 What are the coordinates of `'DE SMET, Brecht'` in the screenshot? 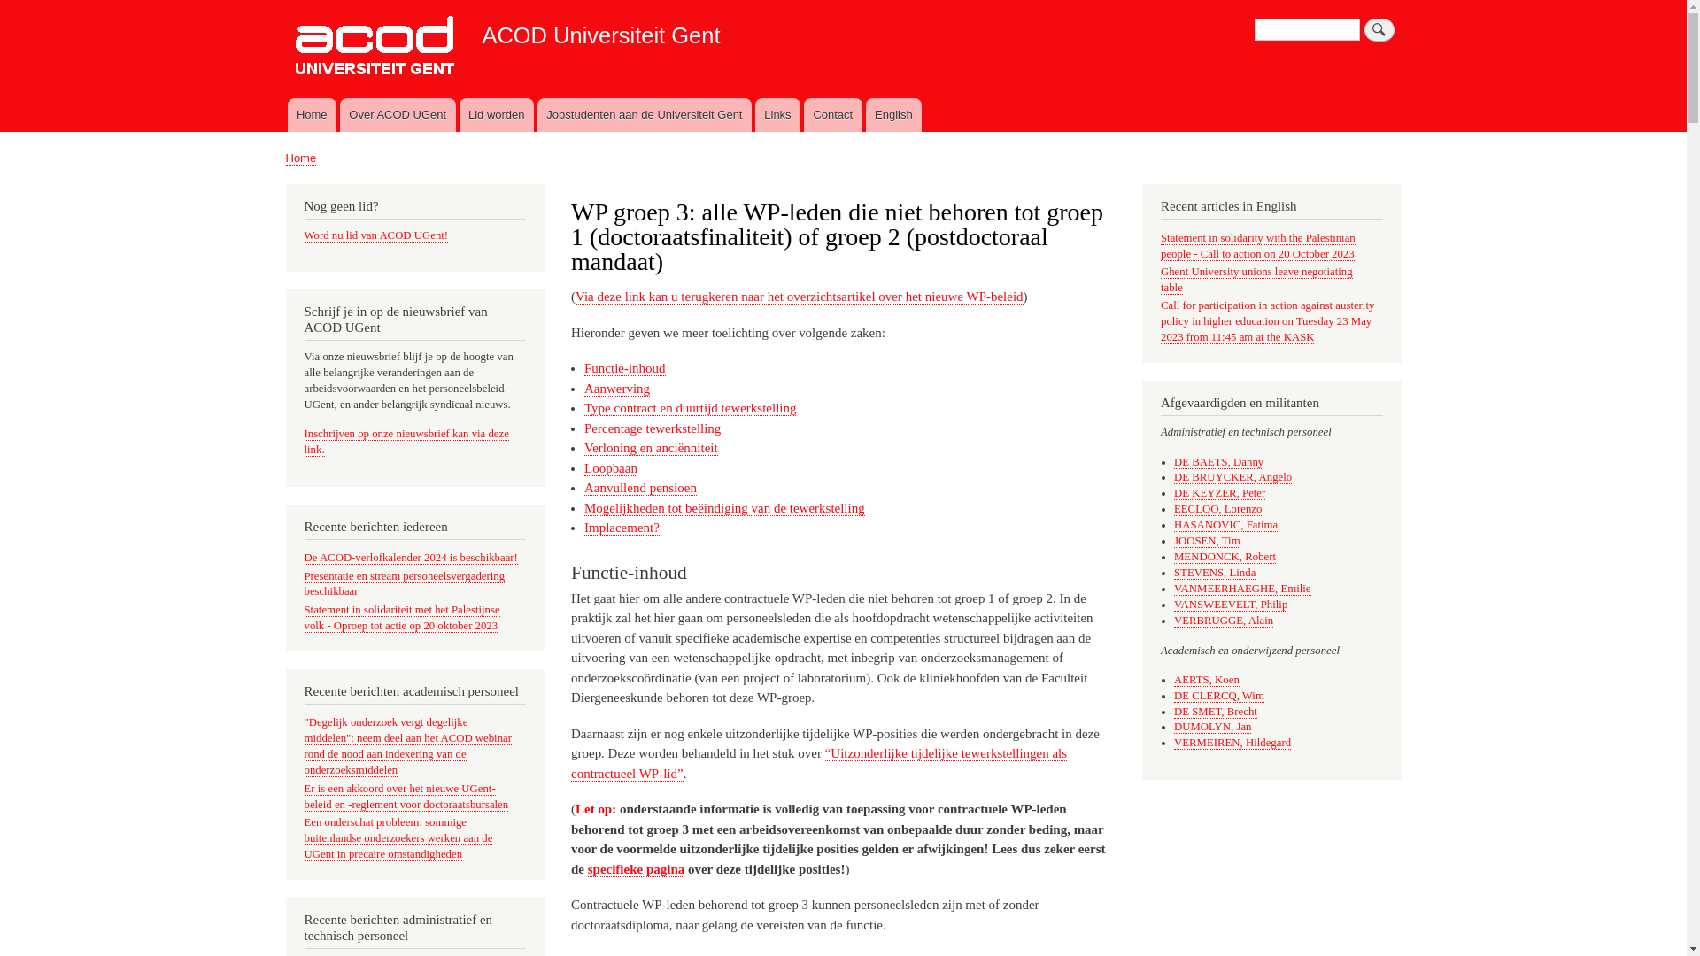 It's located at (1214, 711).